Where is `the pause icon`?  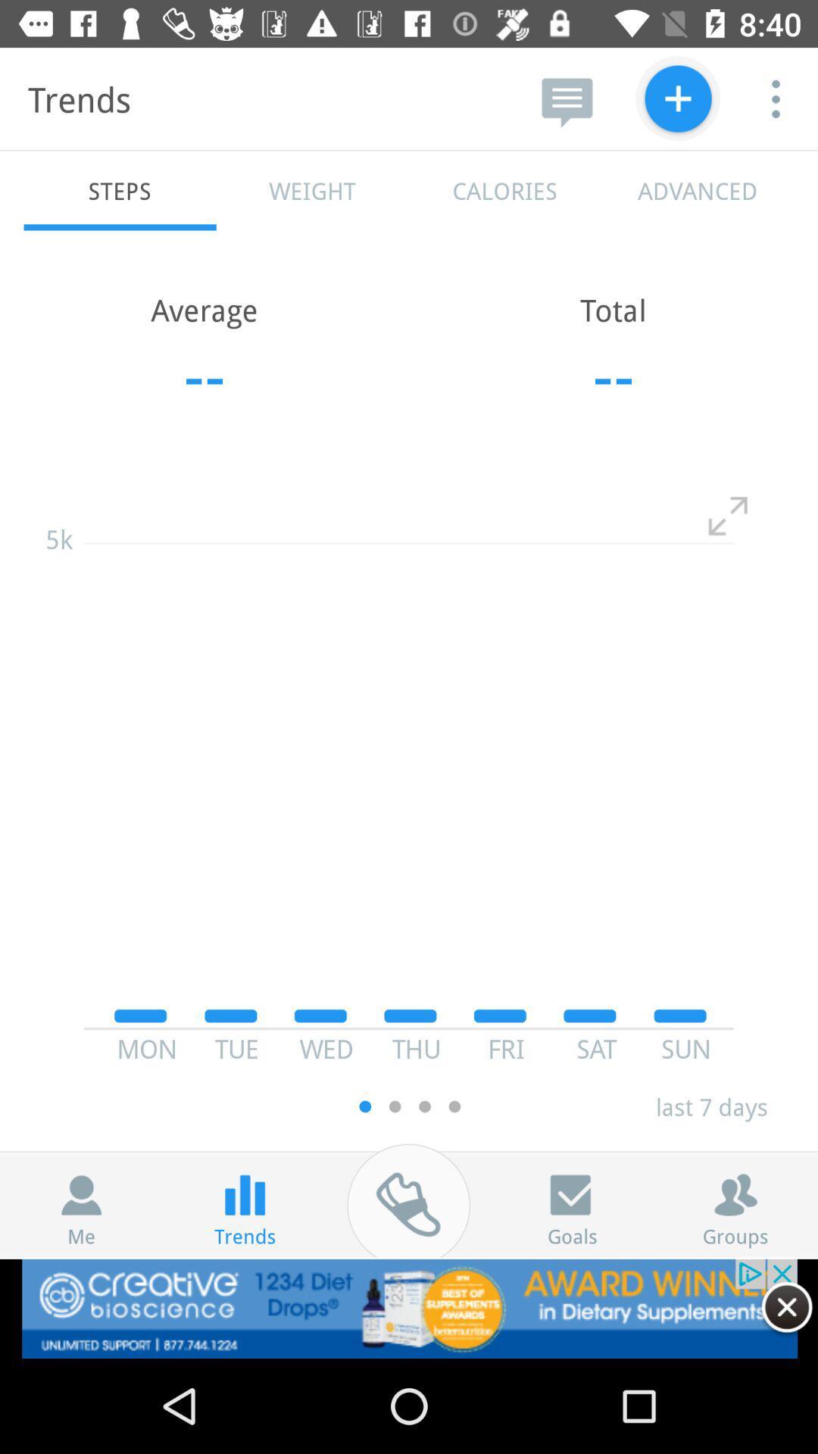
the pause icon is located at coordinates (244, 1194).